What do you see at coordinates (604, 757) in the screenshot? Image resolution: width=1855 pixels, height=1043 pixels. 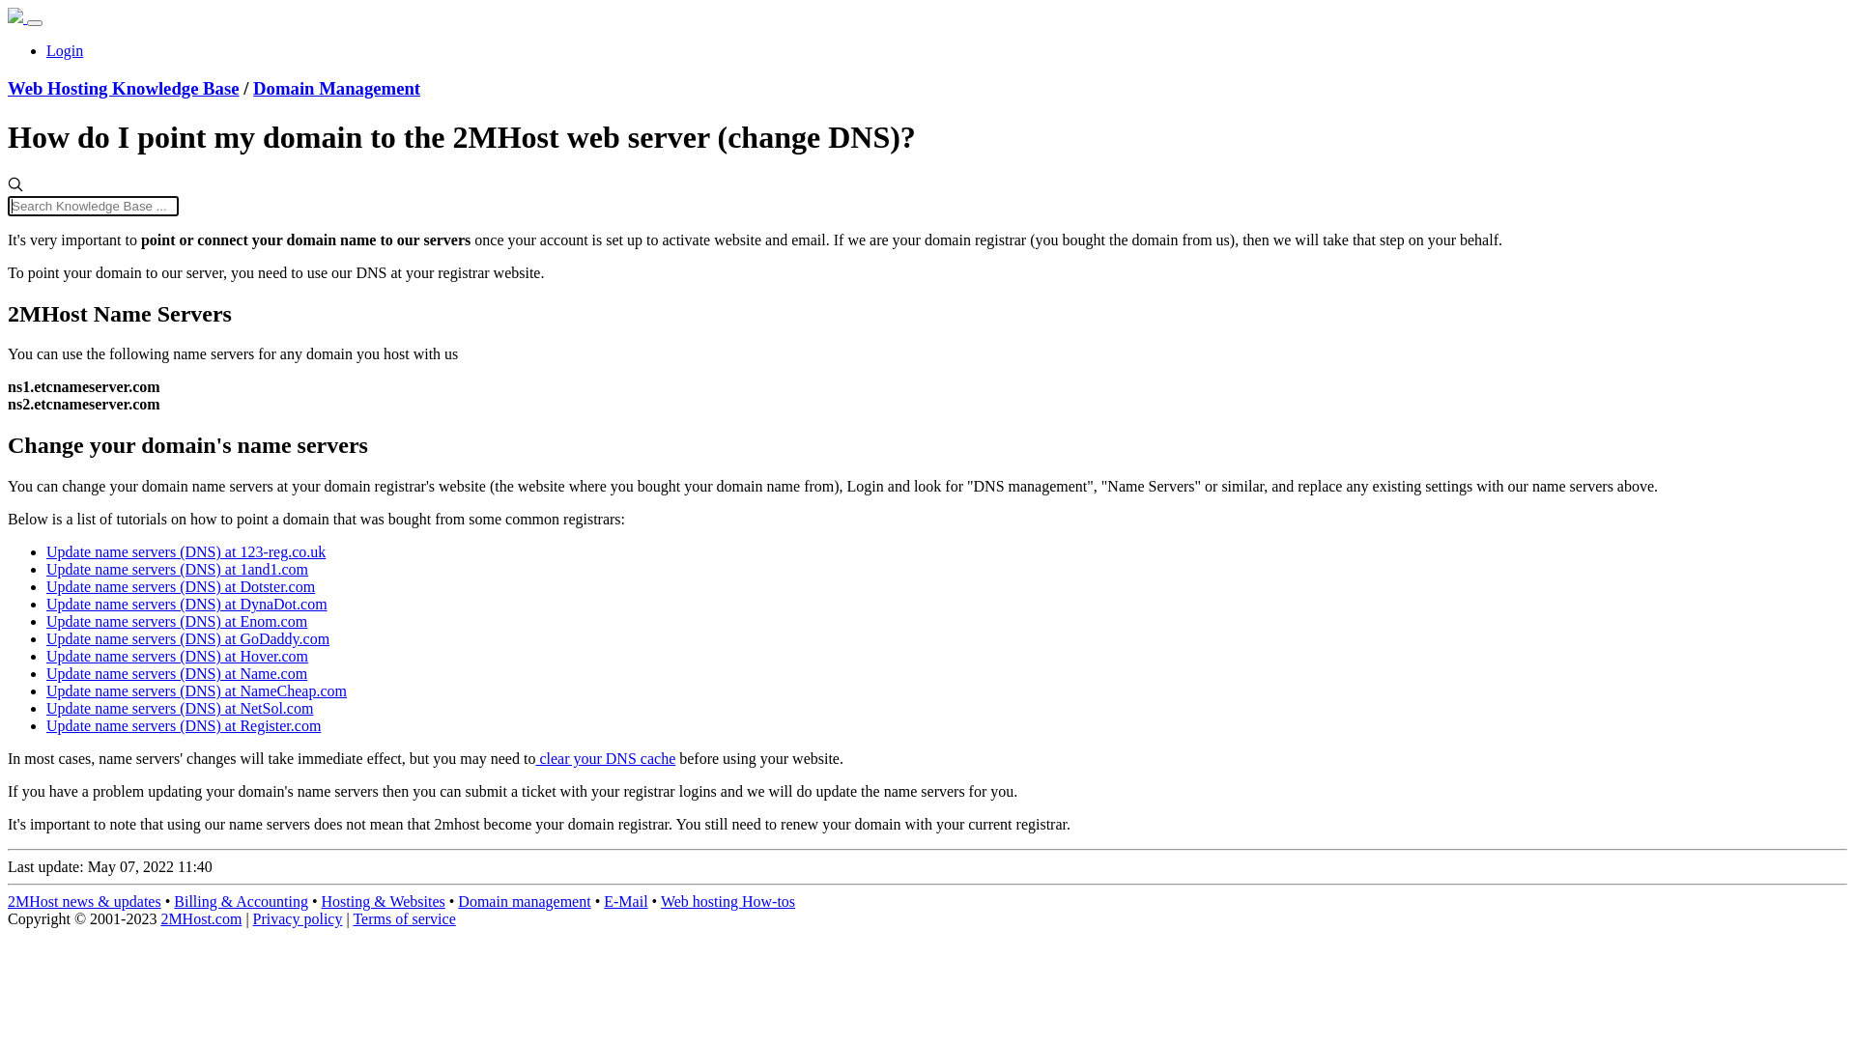 I see `'clear your DNS cache'` at bounding box center [604, 757].